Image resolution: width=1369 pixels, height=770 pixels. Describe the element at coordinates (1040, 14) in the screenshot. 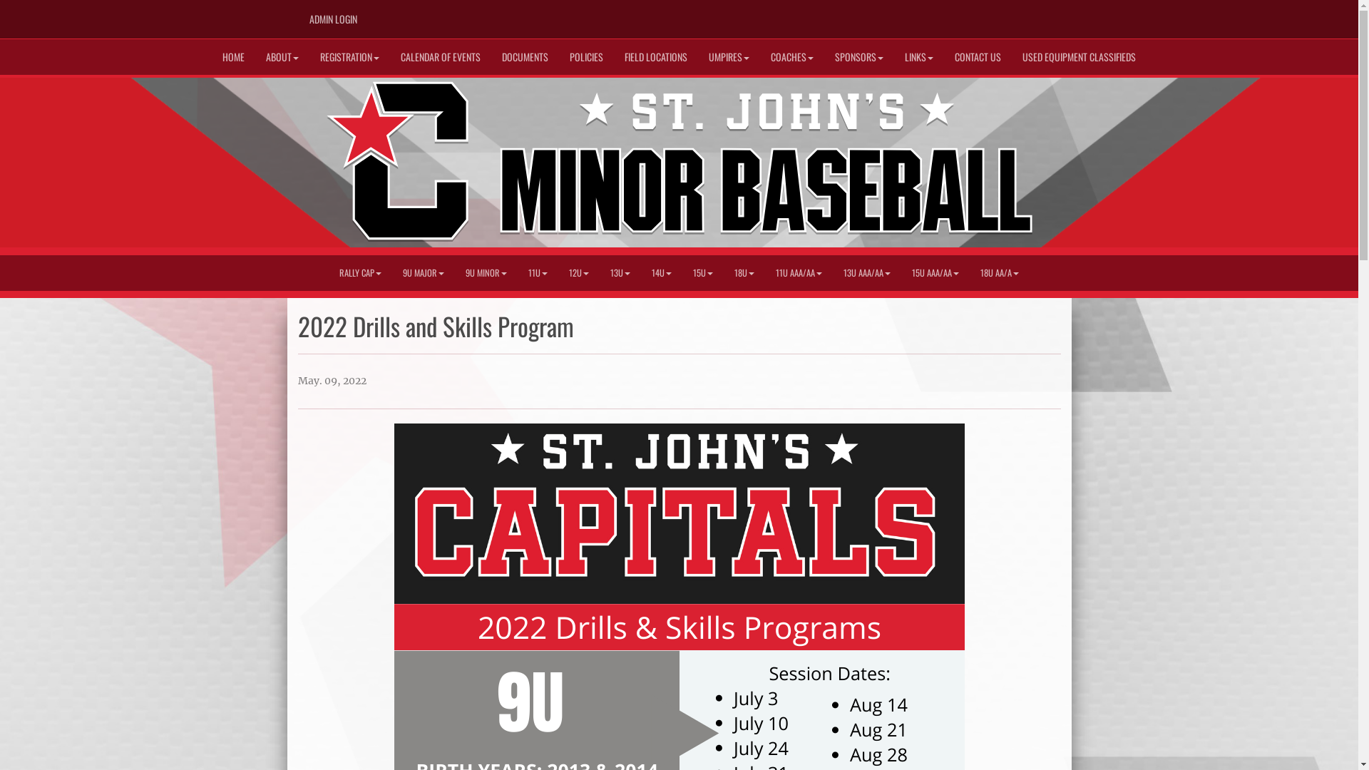

I see `'Instagram'` at that location.